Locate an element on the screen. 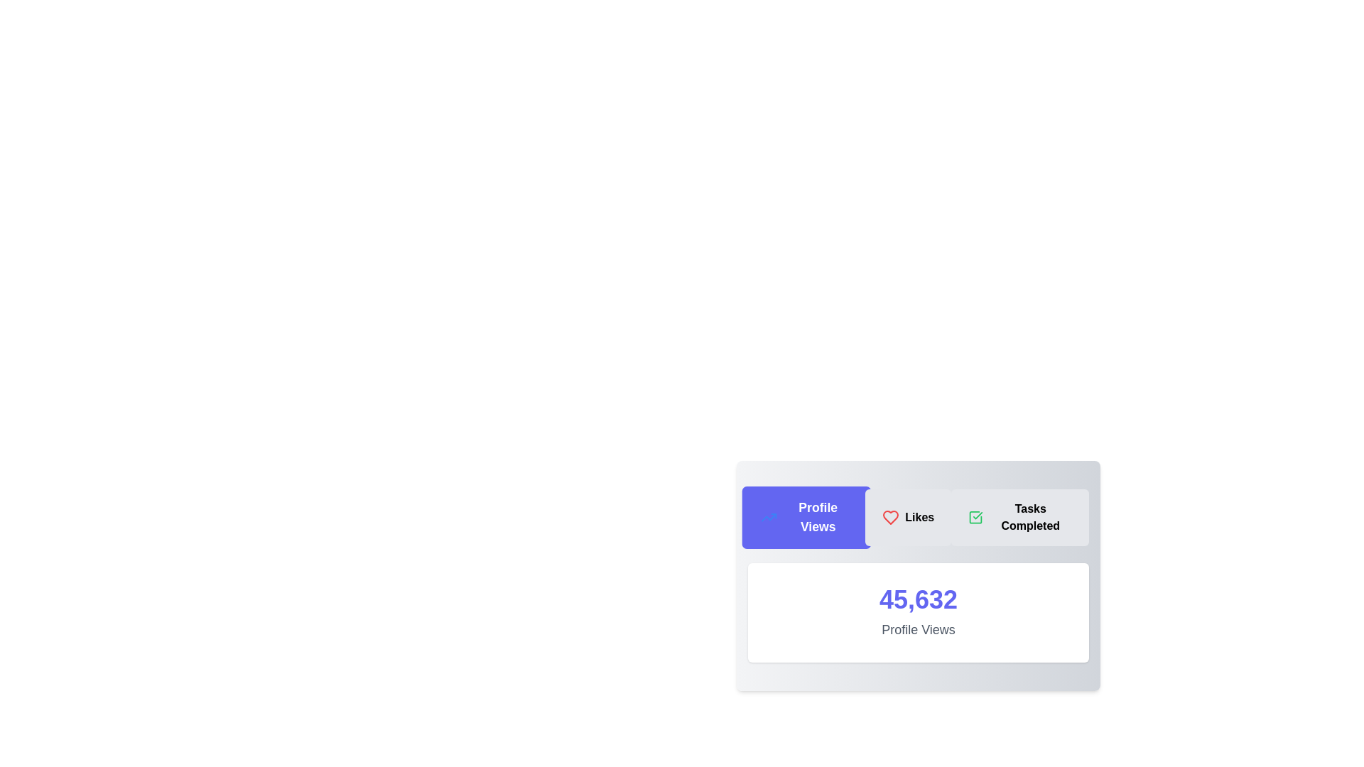 The height and width of the screenshot is (767, 1364). the tab labeled Likes to observe its hover effect is located at coordinates (907, 518).